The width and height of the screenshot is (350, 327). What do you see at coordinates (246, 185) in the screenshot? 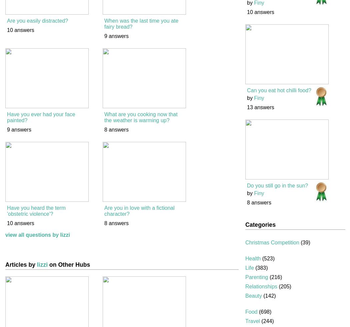
I see `'Do you still go in the sun?'` at bounding box center [246, 185].